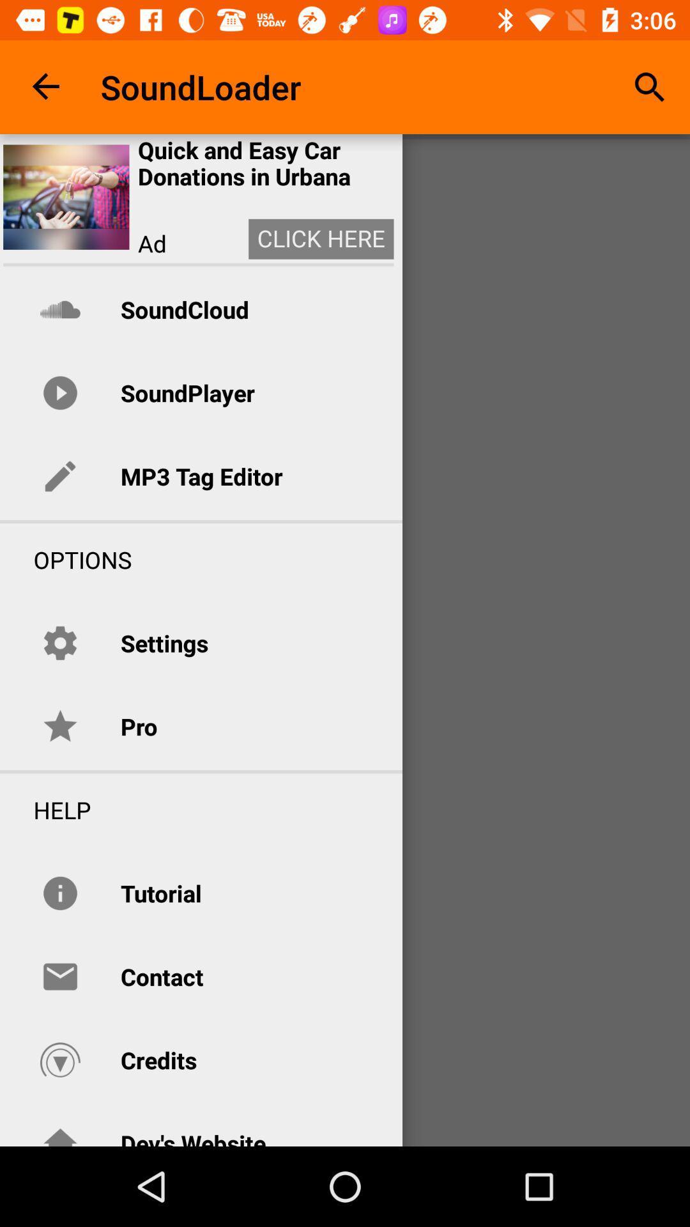 The height and width of the screenshot is (1227, 690). I want to click on pro, so click(139, 727).